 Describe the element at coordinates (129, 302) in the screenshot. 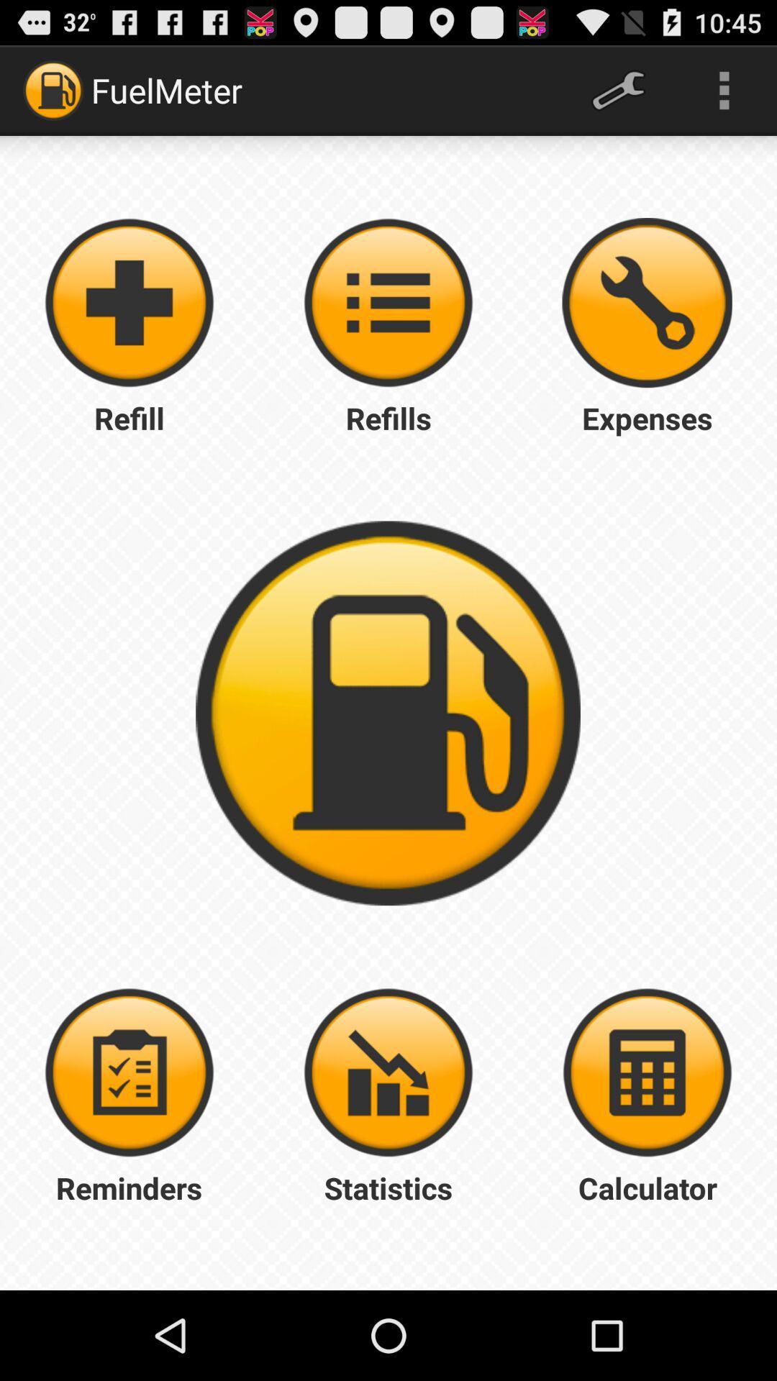

I see `refill option` at that location.